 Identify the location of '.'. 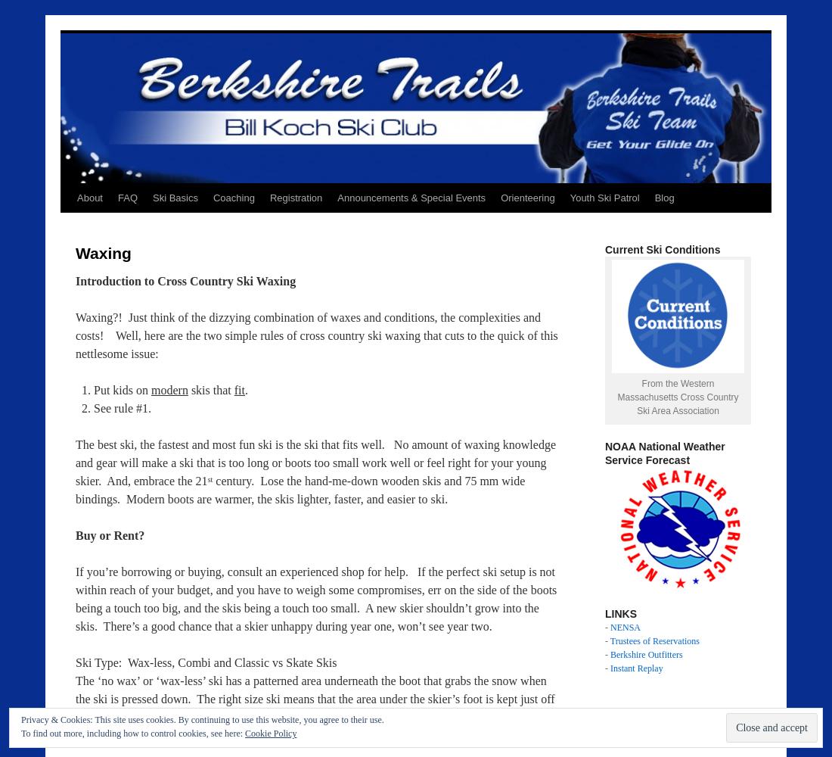
(246, 390).